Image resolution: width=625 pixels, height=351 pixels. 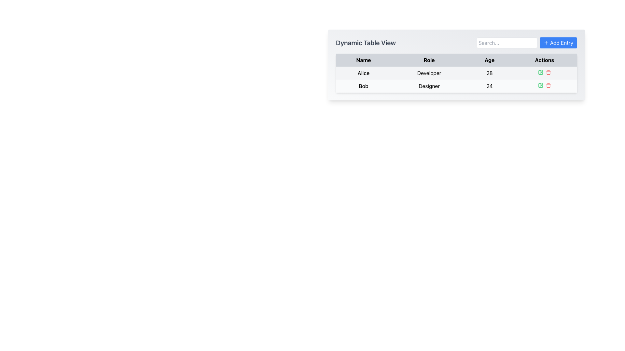 What do you see at coordinates (546, 43) in the screenshot?
I see `the icon located in the top-right corner of the interface, which is part of the 'Add Entry' button` at bounding box center [546, 43].